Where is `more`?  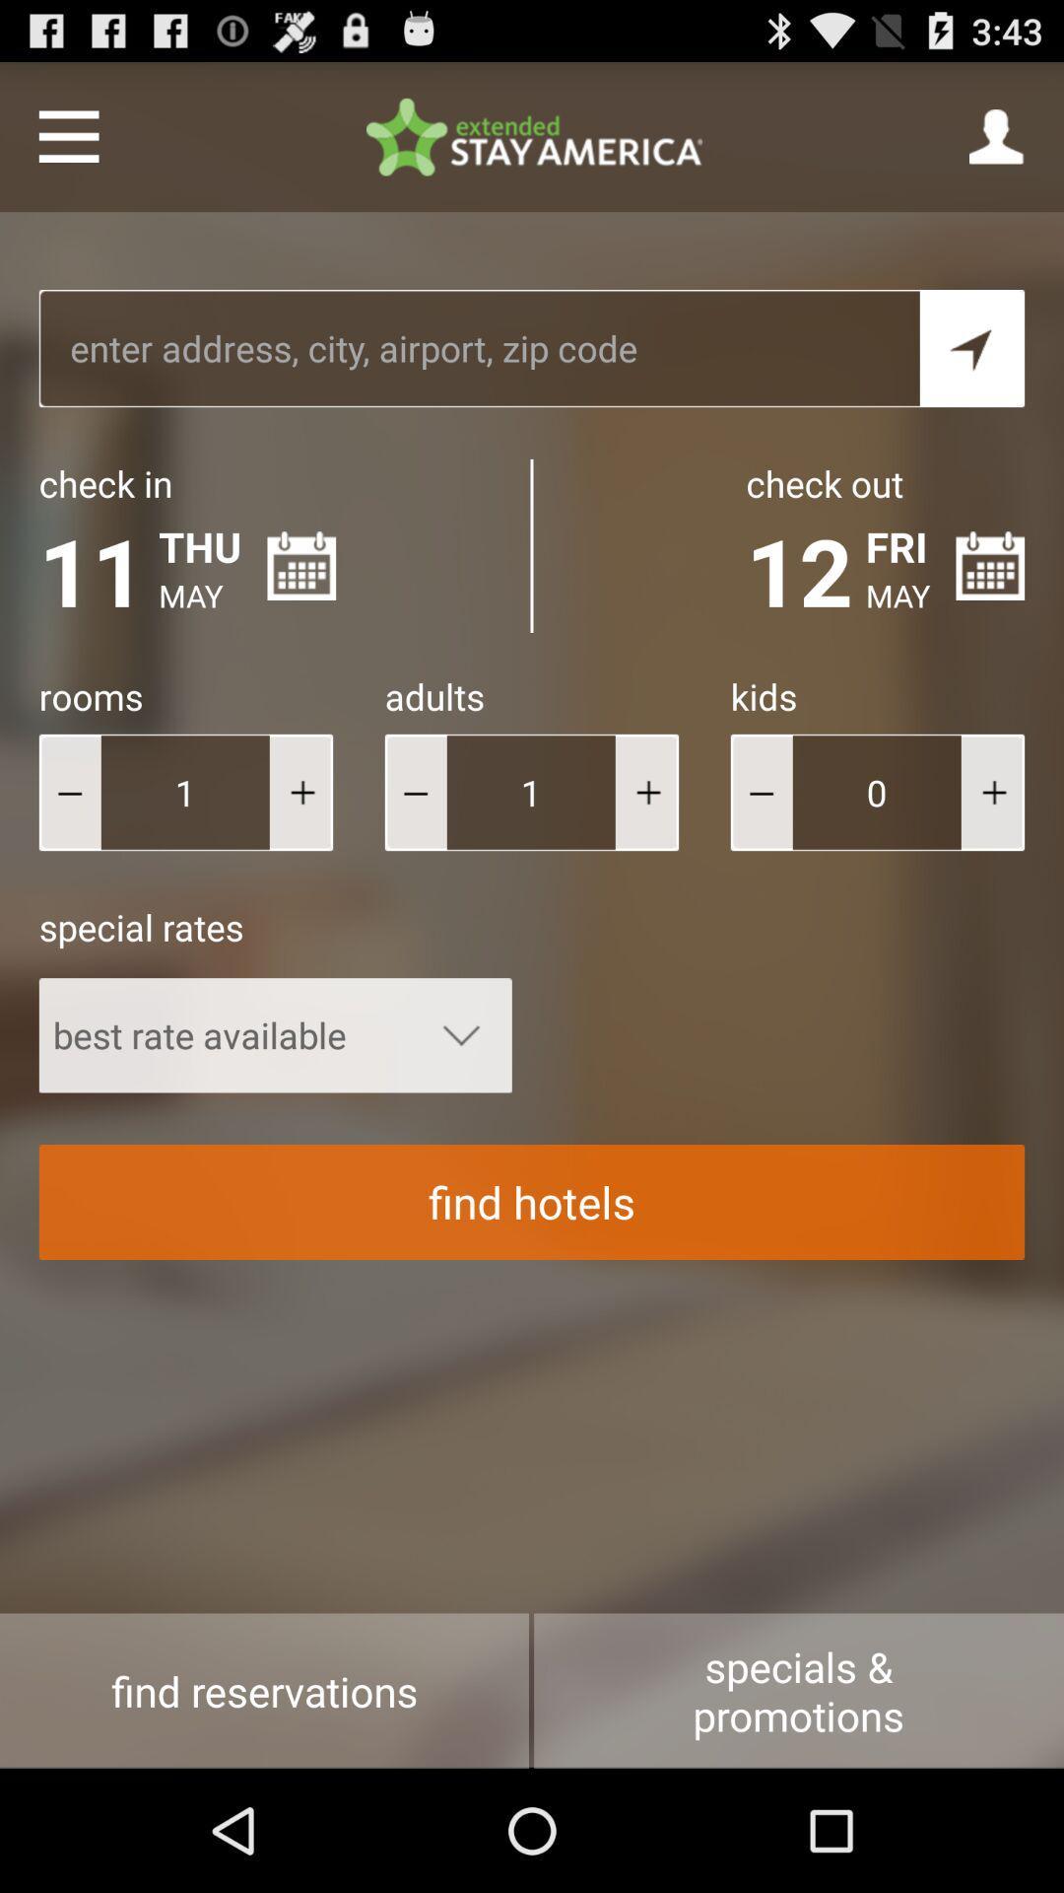 more is located at coordinates (992, 792).